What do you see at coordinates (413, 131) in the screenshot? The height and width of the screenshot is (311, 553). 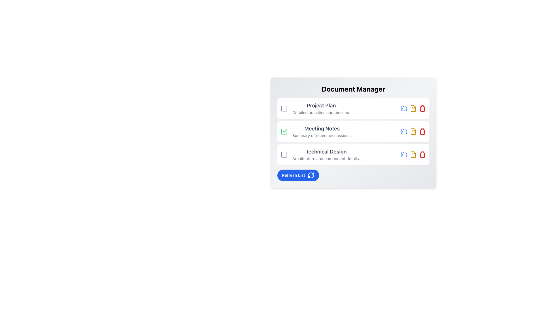 I see `the yellow file icon located to the right of the 'Meeting Notes' item in the list` at bounding box center [413, 131].